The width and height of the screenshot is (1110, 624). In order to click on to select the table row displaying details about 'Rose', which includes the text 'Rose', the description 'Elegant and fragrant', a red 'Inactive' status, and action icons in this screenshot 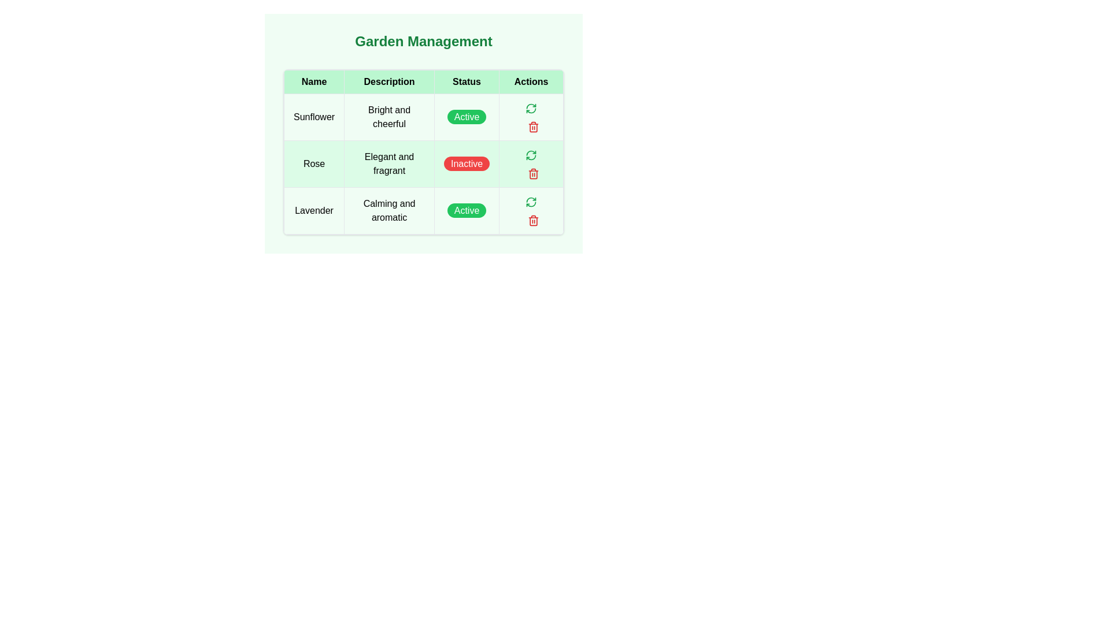, I will do `click(423, 164)`.